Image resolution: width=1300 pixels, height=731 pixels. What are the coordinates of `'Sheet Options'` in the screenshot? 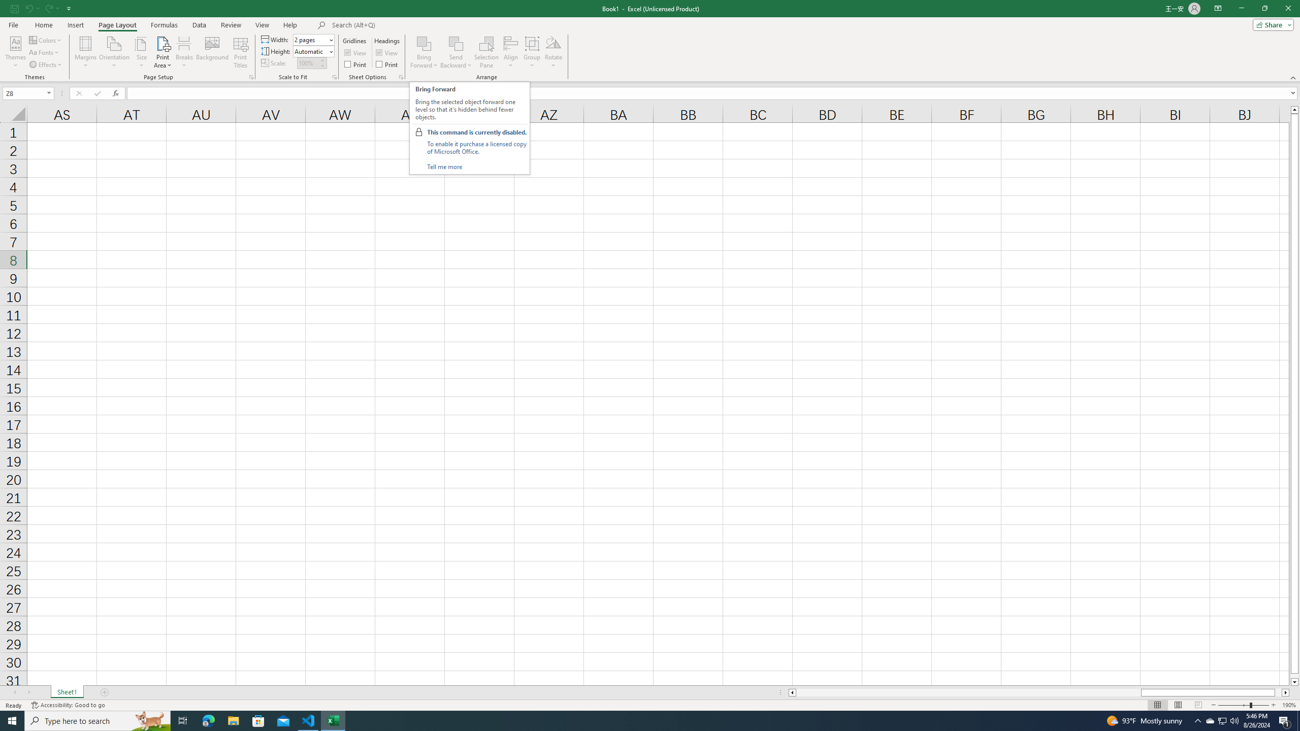 It's located at (400, 76).